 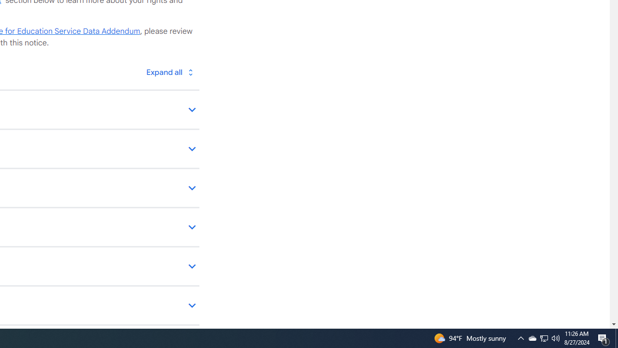 What do you see at coordinates (169, 72) in the screenshot?
I see `'Toggle all'` at bounding box center [169, 72].